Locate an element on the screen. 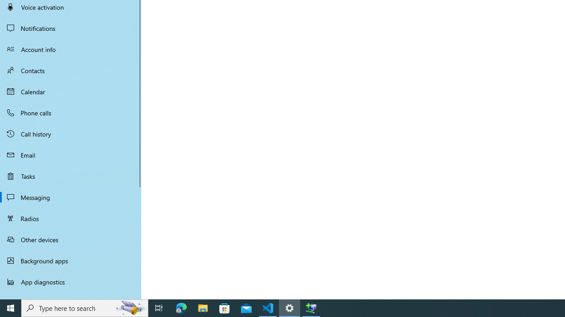  'Phone calls' is located at coordinates (71, 112).